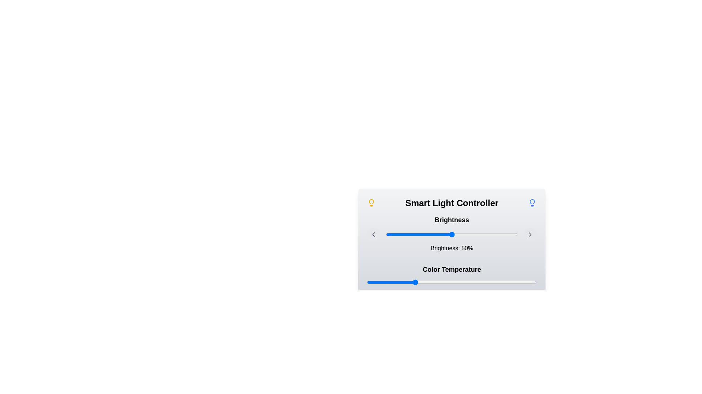 This screenshot has width=702, height=394. What do you see at coordinates (530, 235) in the screenshot?
I see `the navigational chevron arrow icon located in the center-right portion of the smart light controller UI to proceed with further interaction or brightness adjustment` at bounding box center [530, 235].